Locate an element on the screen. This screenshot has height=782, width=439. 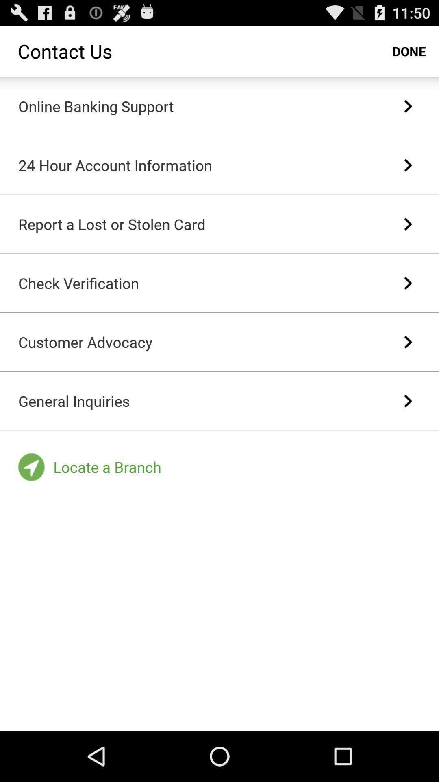
the online banking support is located at coordinates (96, 105).